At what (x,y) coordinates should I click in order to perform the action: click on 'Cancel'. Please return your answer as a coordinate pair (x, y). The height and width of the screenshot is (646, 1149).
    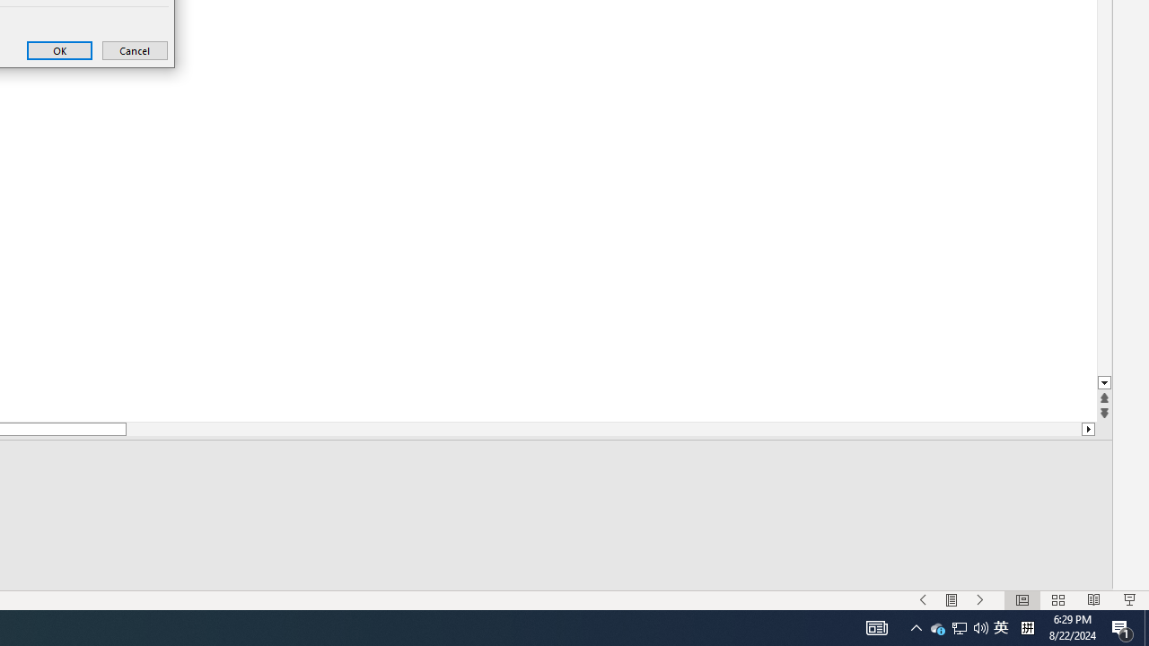
    Looking at the image, I should click on (134, 49).